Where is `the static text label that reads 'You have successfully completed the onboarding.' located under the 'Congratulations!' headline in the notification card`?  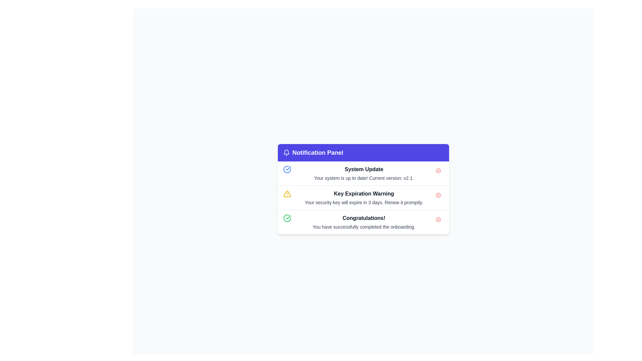
the static text label that reads 'You have successfully completed the onboarding.' located under the 'Congratulations!' headline in the notification card is located at coordinates (363, 226).